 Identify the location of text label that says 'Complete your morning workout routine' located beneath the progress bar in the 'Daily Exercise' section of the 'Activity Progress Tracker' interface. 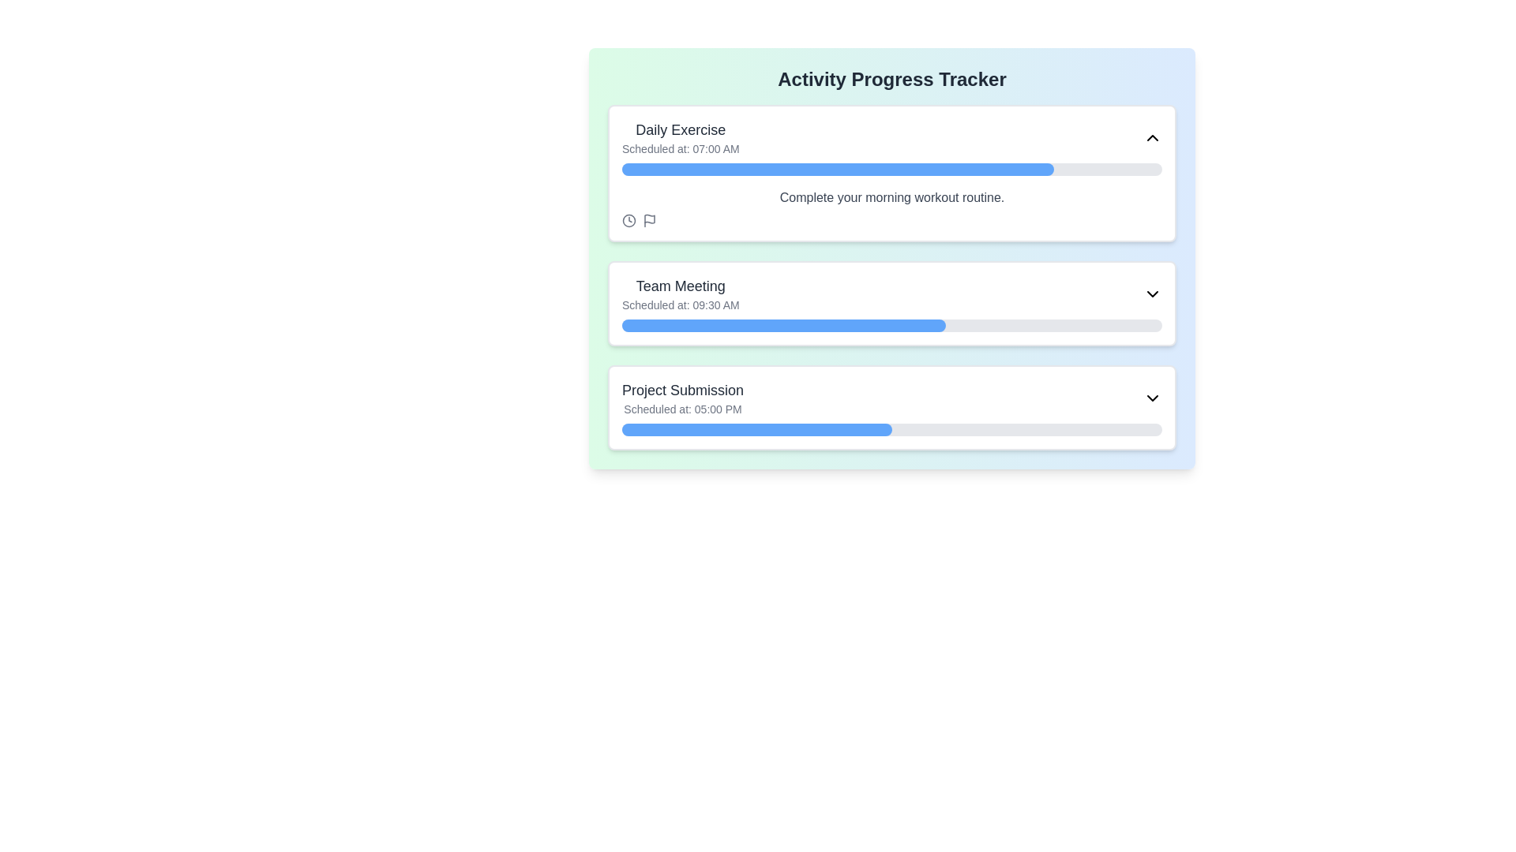
(891, 207).